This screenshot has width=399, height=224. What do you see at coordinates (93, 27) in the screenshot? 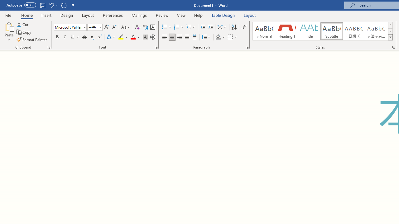
I see `'Font Size'` at bounding box center [93, 27].